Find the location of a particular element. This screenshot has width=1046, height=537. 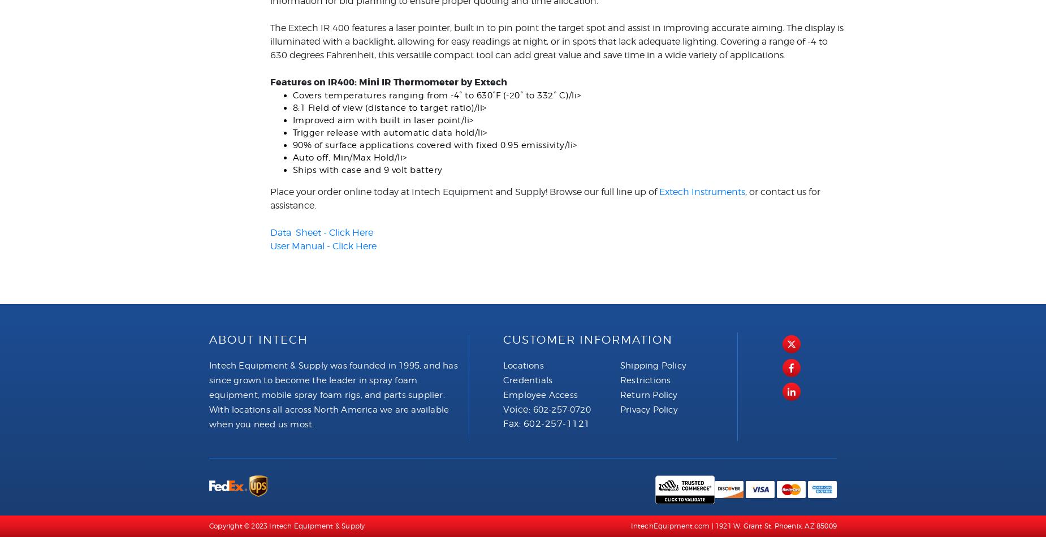

'Return Policy' is located at coordinates (648, 394).